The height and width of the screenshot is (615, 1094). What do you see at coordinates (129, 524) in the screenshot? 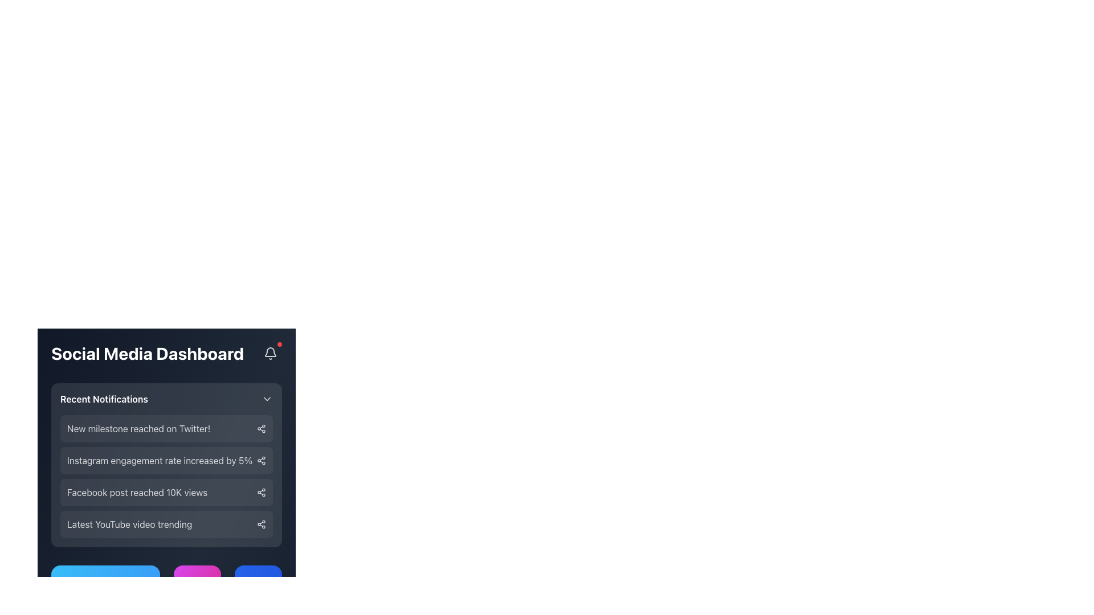
I see `the Static Label that conveys the notification text about the latest YouTube video trending, located in the 'Recent Notifications' section as the left-most component in the fourth item of a vertical list` at bounding box center [129, 524].